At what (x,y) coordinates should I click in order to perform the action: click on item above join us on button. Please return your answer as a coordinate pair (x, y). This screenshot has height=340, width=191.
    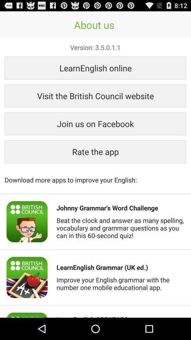
    Looking at the image, I should click on (95, 95).